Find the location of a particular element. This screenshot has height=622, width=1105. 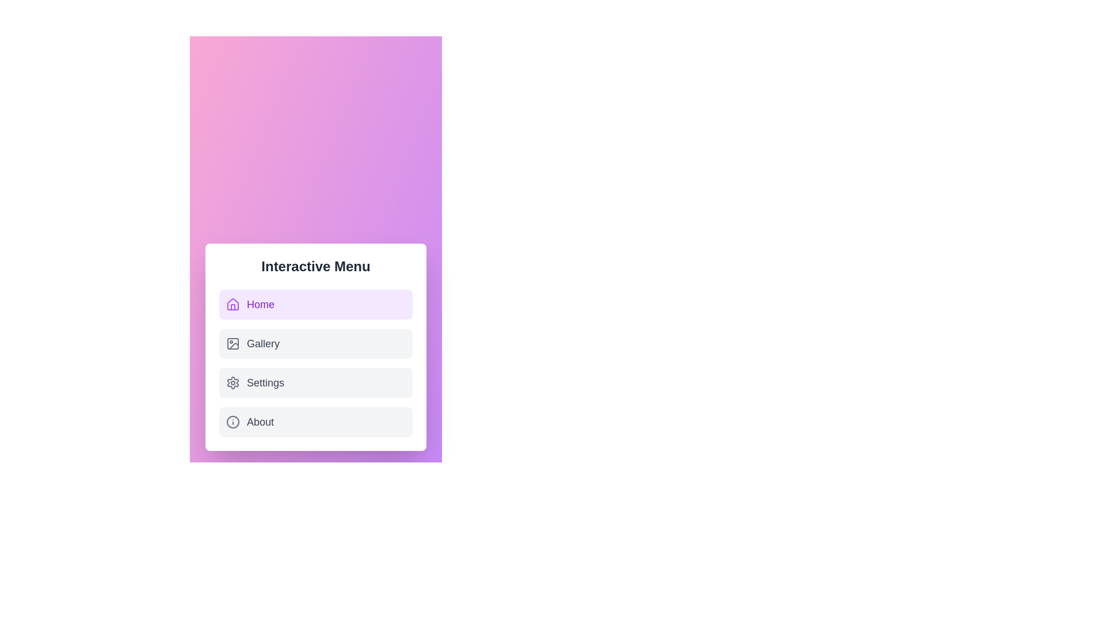

the icon next to the tab label About is located at coordinates (232, 422).